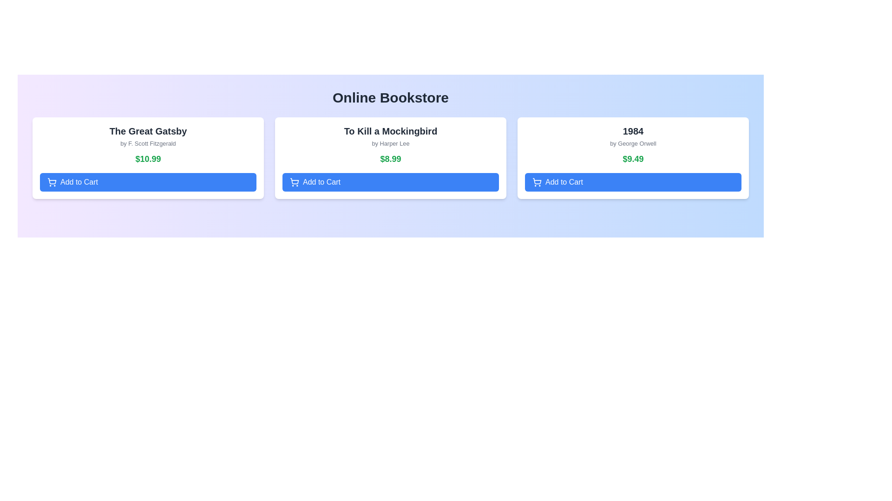 Image resolution: width=892 pixels, height=501 pixels. I want to click on the shopping cart icon located beside the 'Add to Cart' button under the product '1984' by George Orwell, so click(537, 182).